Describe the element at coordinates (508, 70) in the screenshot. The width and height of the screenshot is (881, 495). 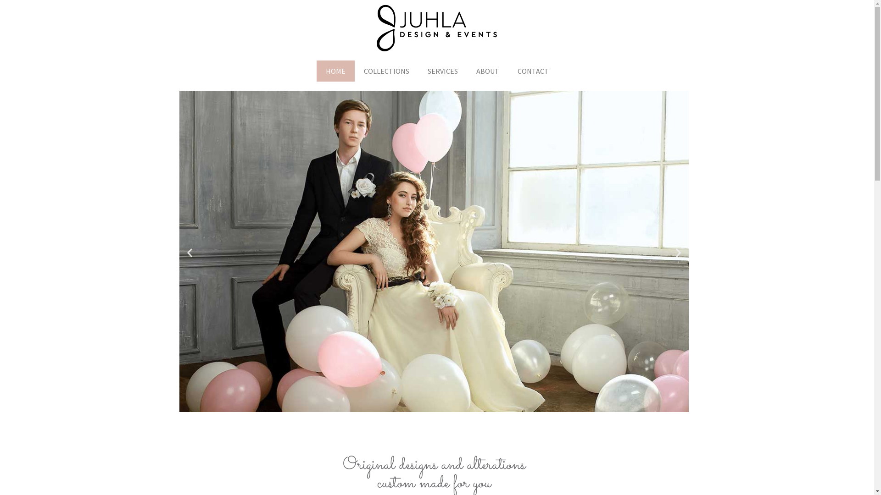
I see `'CONTACT'` at that location.